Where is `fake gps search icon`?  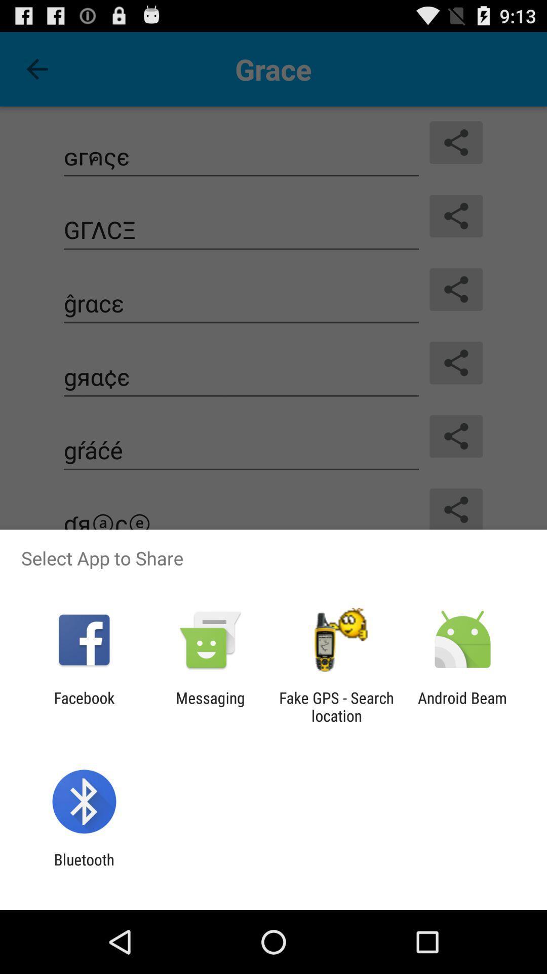
fake gps search icon is located at coordinates (336, 706).